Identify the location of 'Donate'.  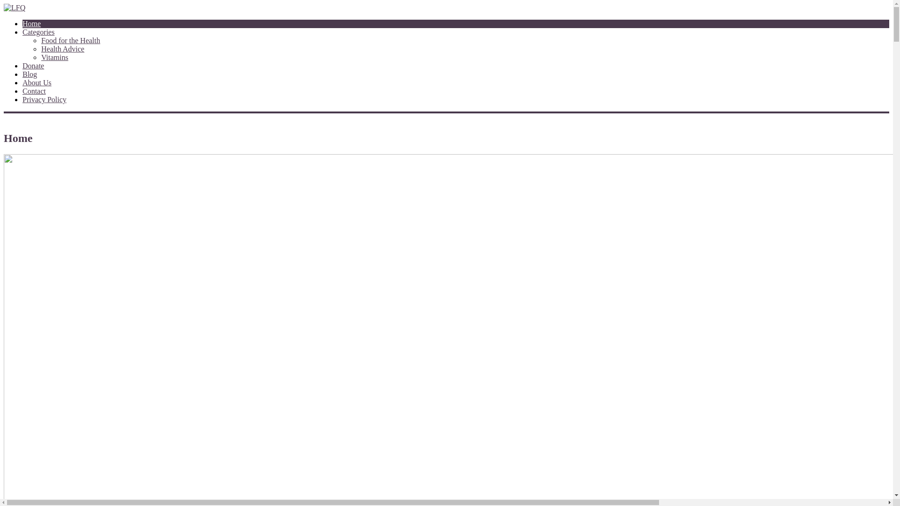
(33, 65).